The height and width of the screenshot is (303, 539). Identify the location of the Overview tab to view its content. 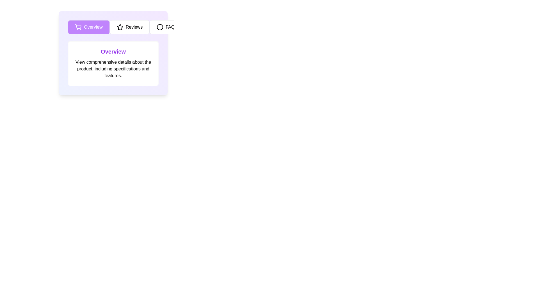
(88, 27).